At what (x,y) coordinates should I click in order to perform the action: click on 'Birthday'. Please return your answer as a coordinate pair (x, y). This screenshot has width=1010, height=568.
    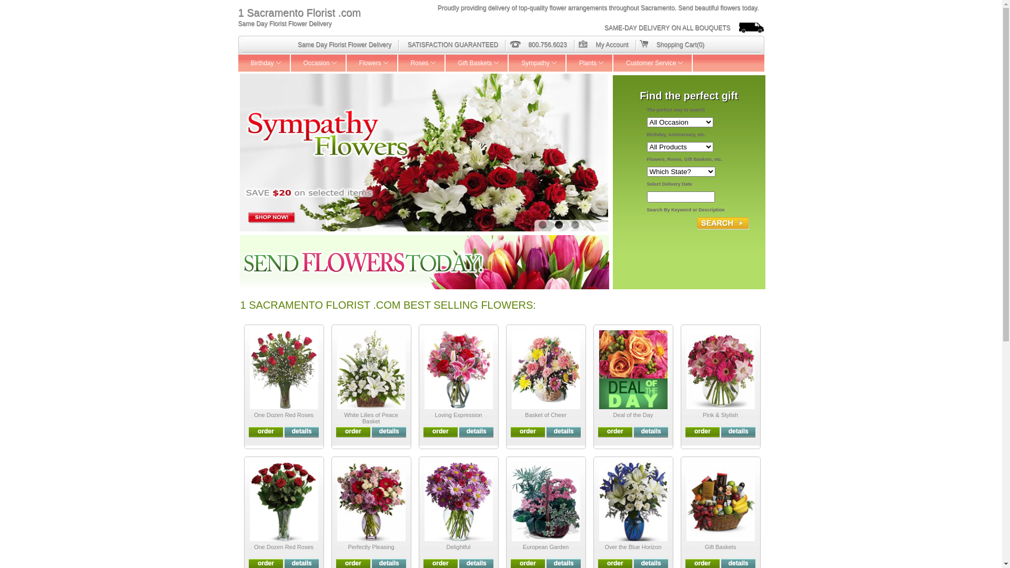
    Looking at the image, I should click on (264, 63).